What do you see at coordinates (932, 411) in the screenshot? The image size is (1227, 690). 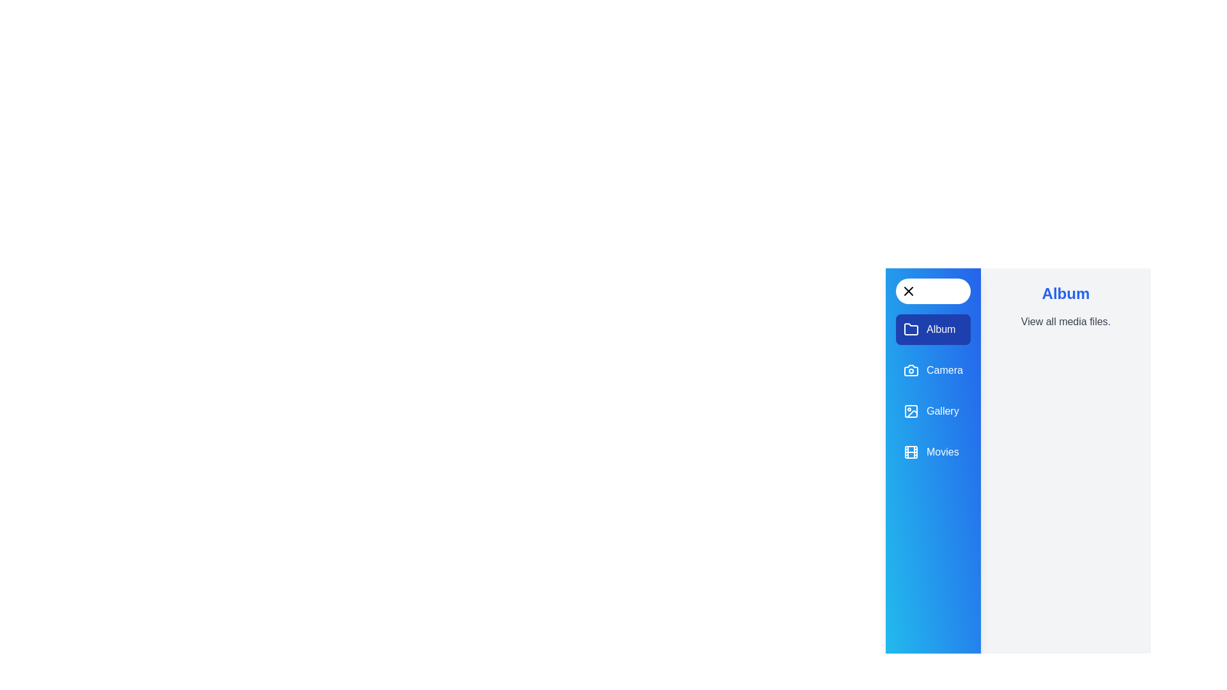 I see `the 'Gallery' button to navigate to the 'Gallery' panel` at bounding box center [932, 411].